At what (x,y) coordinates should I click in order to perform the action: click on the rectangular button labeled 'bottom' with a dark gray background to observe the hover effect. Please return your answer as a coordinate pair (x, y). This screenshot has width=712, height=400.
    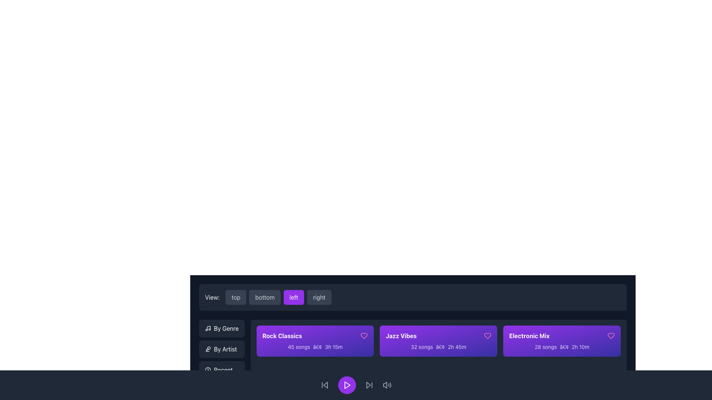
    Looking at the image, I should click on (265, 297).